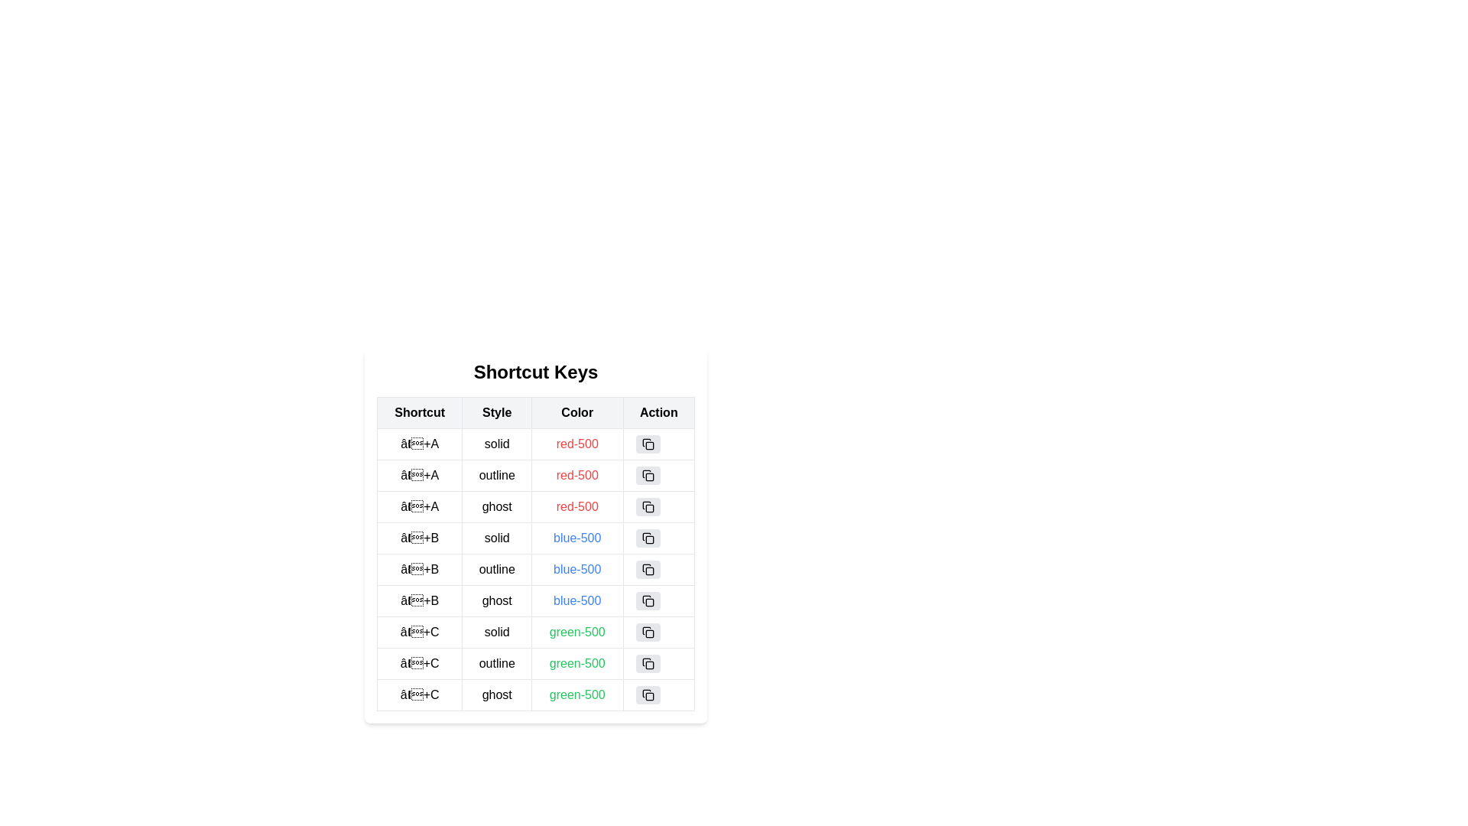 The image size is (1468, 826). I want to click on the static text display representing the keyboard shortcut 'Command+A' located in the first row under the 'Shortcut' column, so click(420, 444).